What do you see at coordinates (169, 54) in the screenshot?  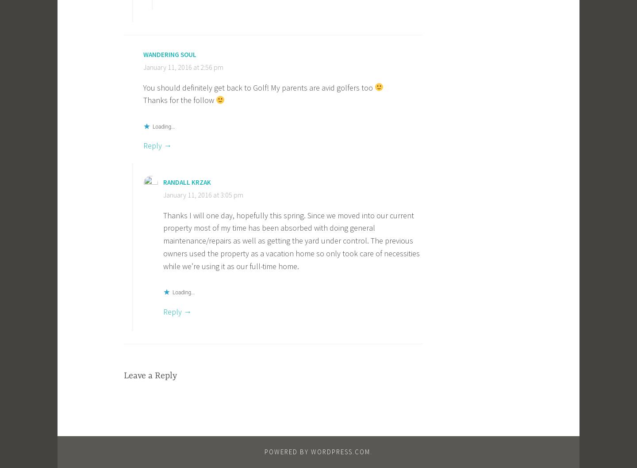 I see `'Wandering Soul'` at bounding box center [169, 54].